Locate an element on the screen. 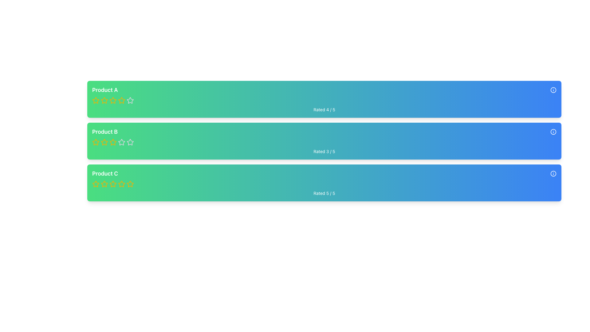 The image size is (590, 332). the third star rating icon with a bright yellow border located beside the text 'Product A' in the topmost green gradient section is located at coordinates (104, 100).